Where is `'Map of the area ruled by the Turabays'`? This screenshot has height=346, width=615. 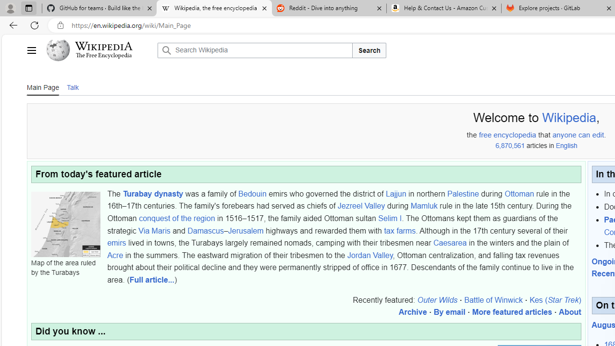 'Map of the area ruled by the Turabays' is located at coordinates (65, 224).